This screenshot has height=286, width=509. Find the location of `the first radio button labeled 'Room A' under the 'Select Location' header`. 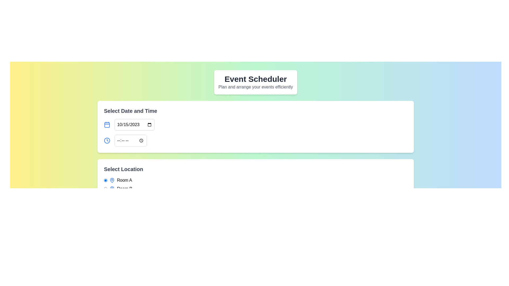

the first radio button labeled 'Room A' under the 'Select Location' header is located at coordinates (106, 180).